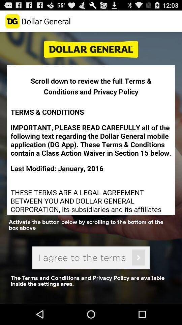 Image resolution: width=182 pixels, height=325 pixels. I want to click on agree terms, so click(91, 257).